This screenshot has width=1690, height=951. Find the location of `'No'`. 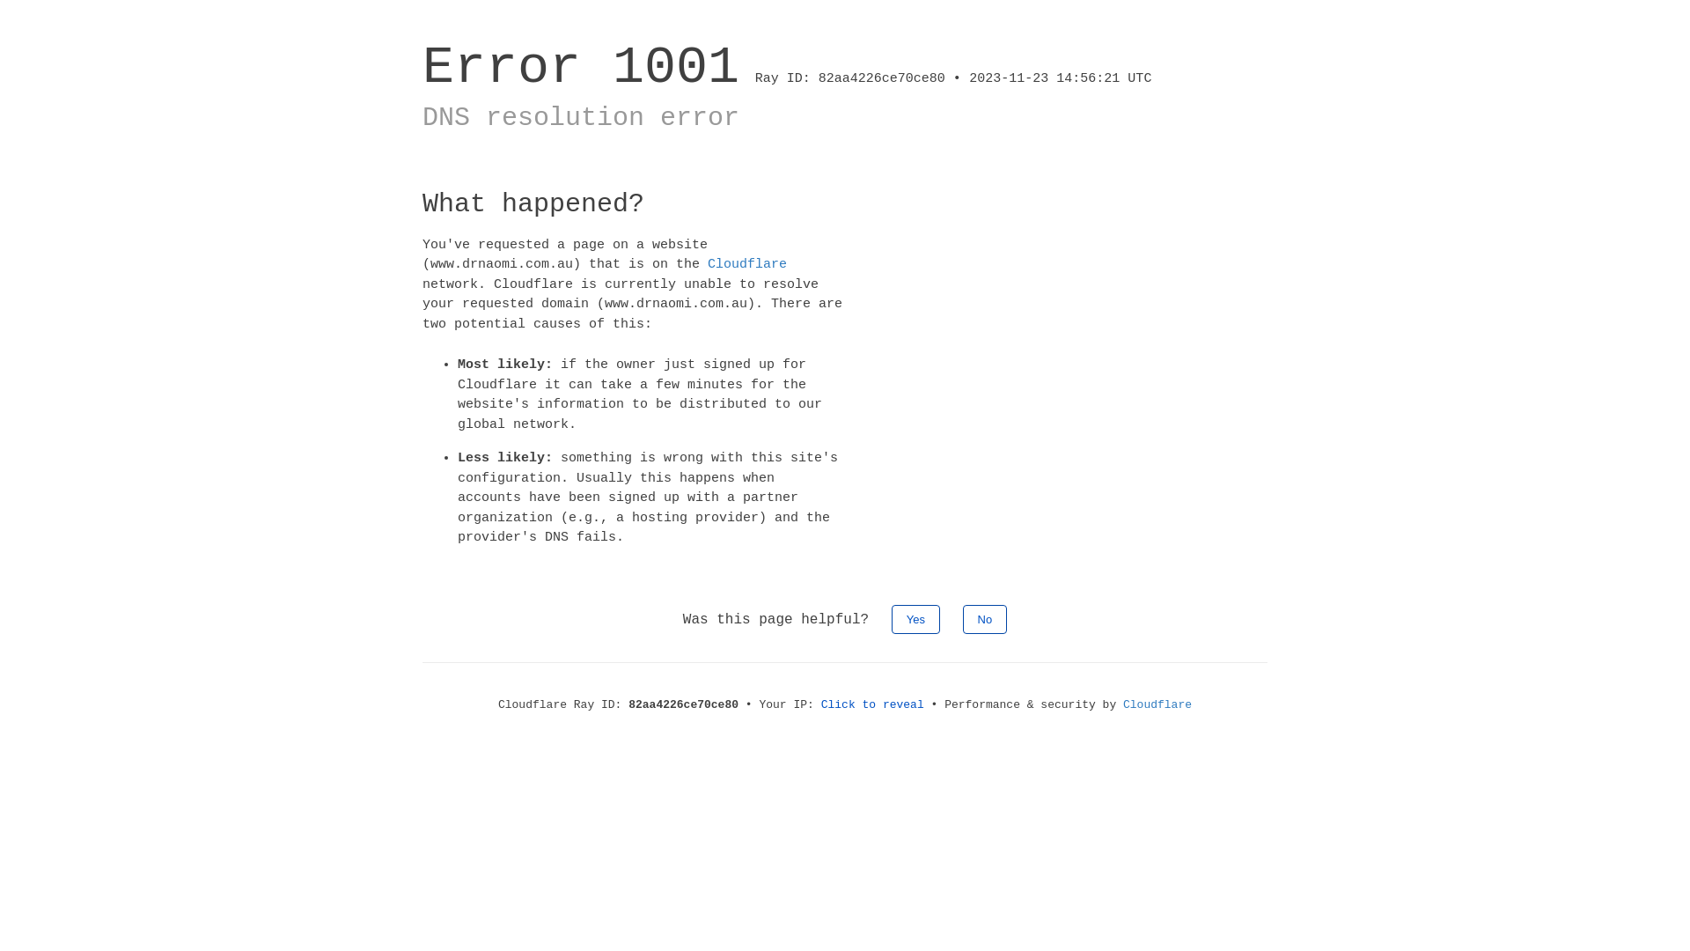

'No' is located at coordinates (984, 617).